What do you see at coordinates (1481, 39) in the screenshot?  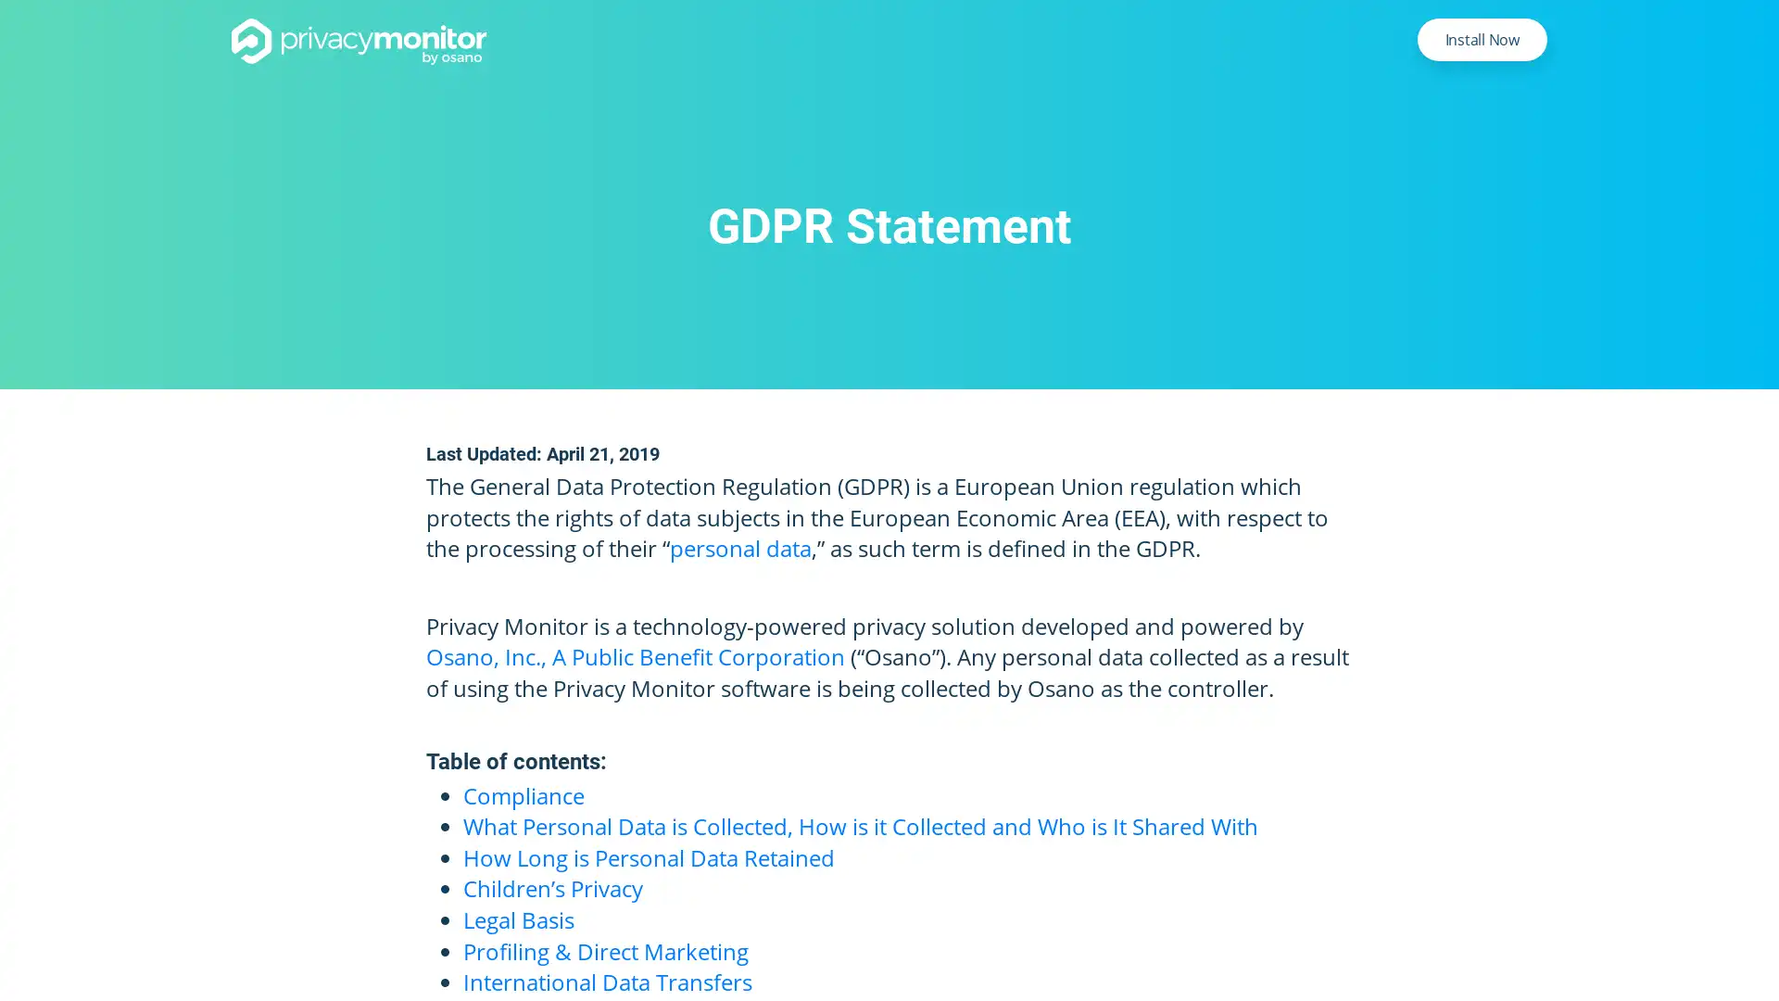 I see `Install Now` at bounding box center [1481, 39].